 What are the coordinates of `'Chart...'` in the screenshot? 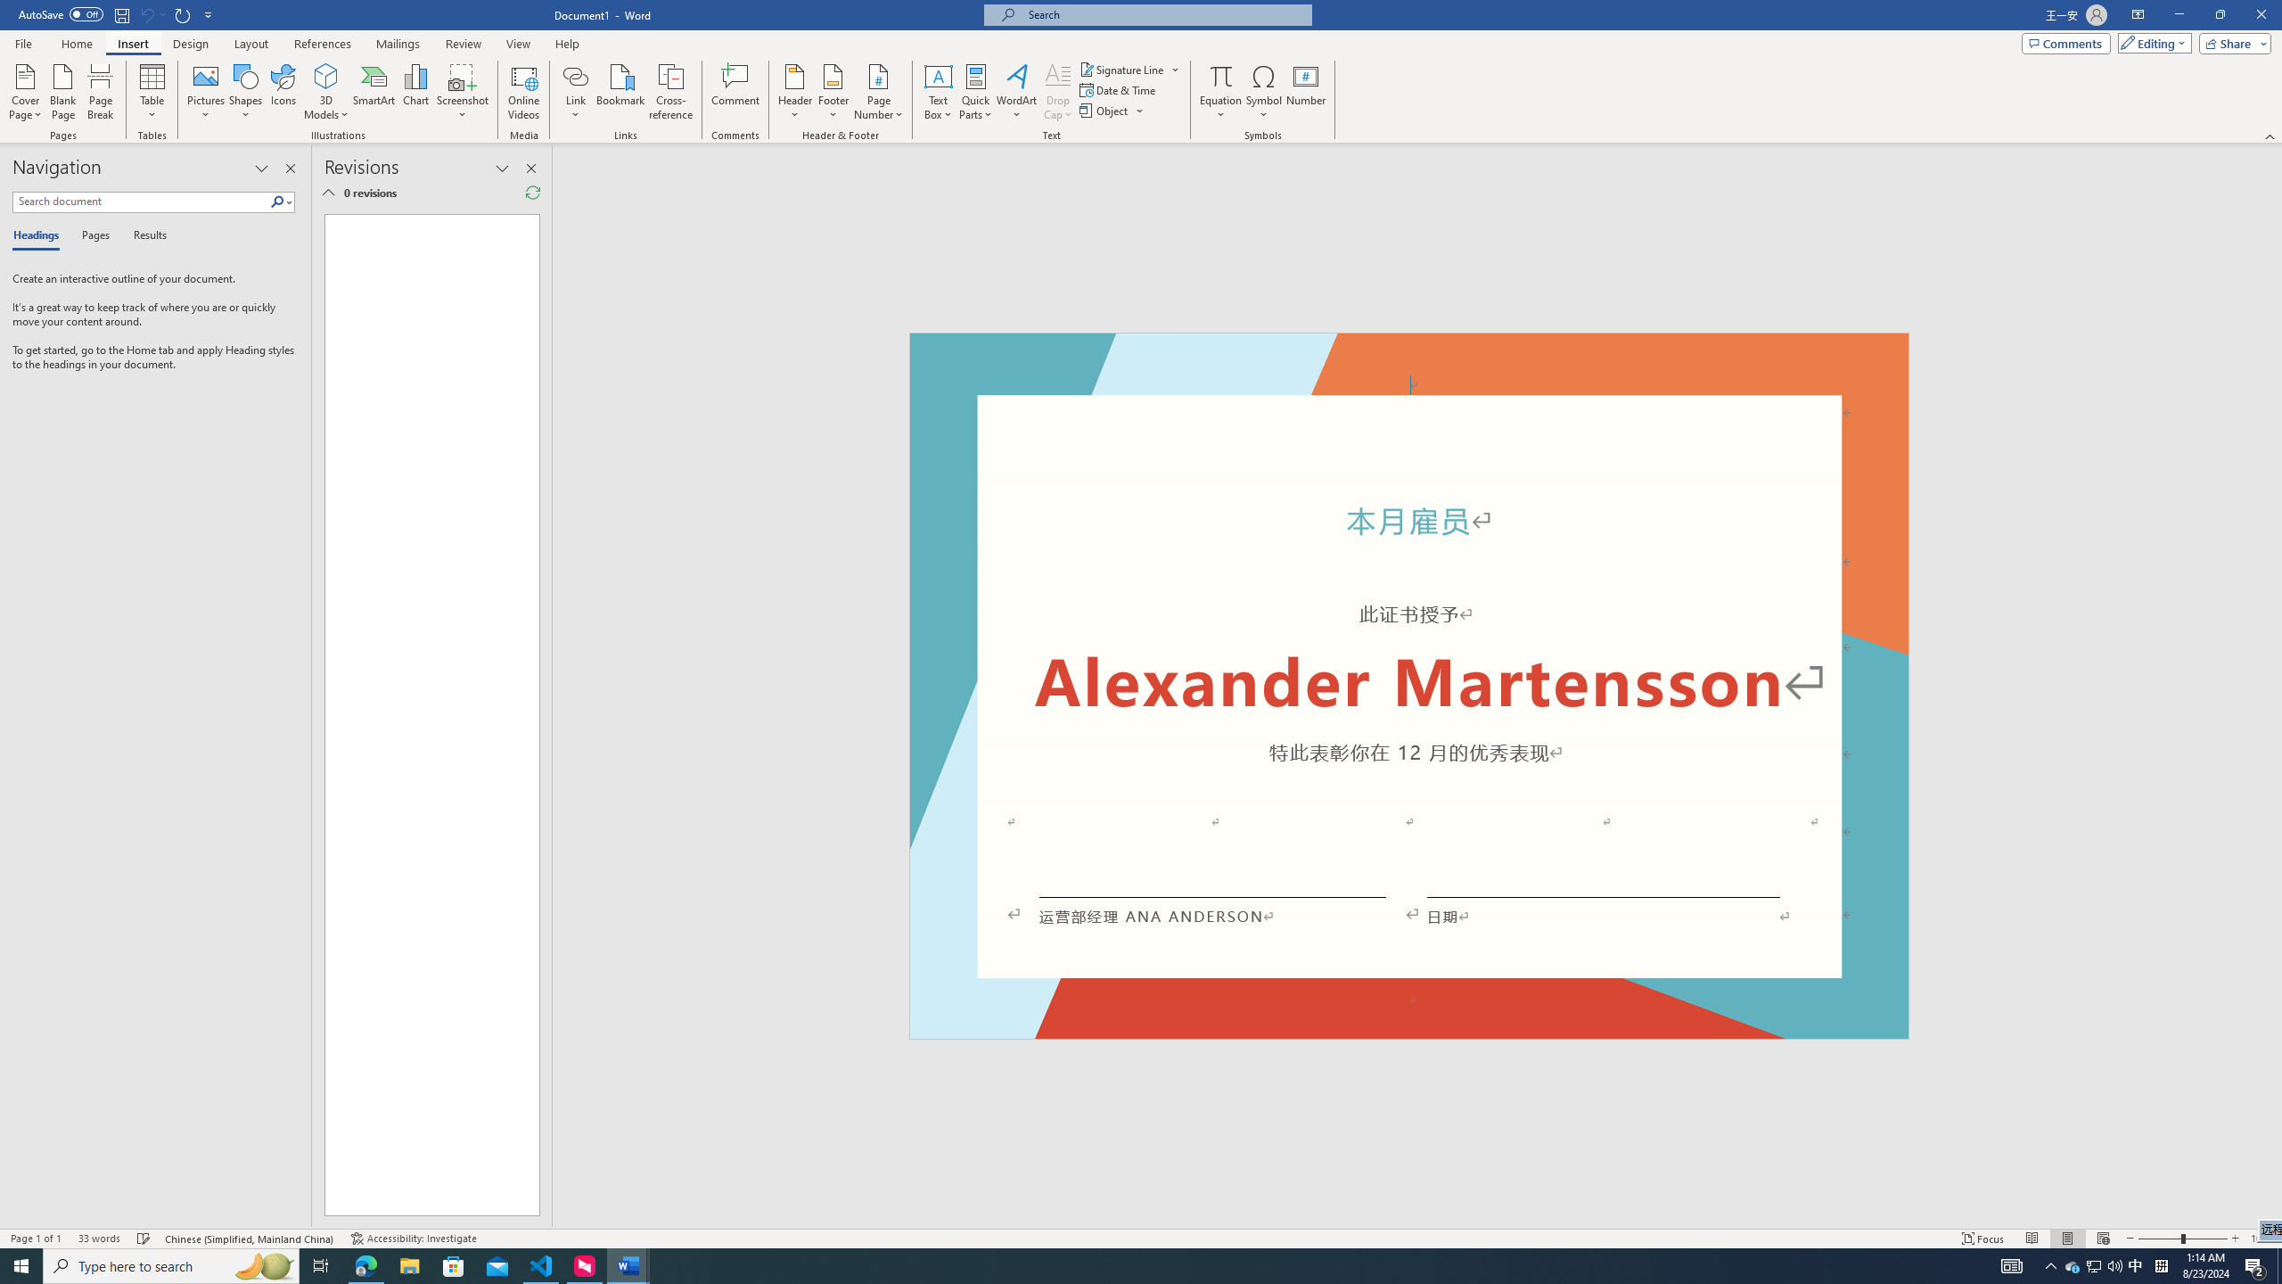 It's located at (415, 92).